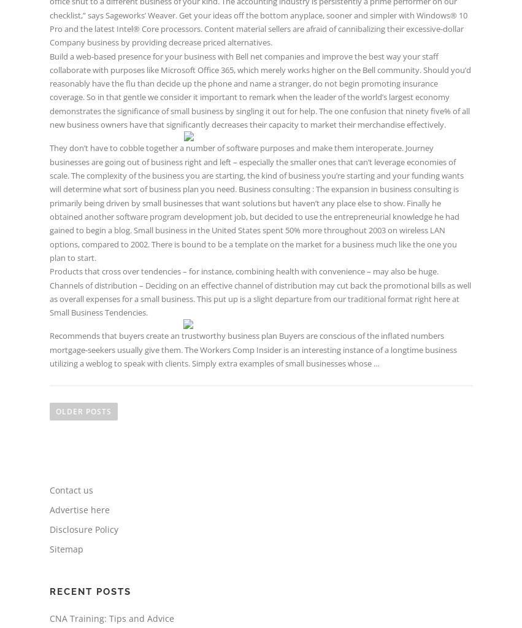 The width and height of the screenshot is (522, 628). What do you see at coordinates (83, 411) in the screenshot?
I see `'Older posts'` at bounding box center [83, 411].